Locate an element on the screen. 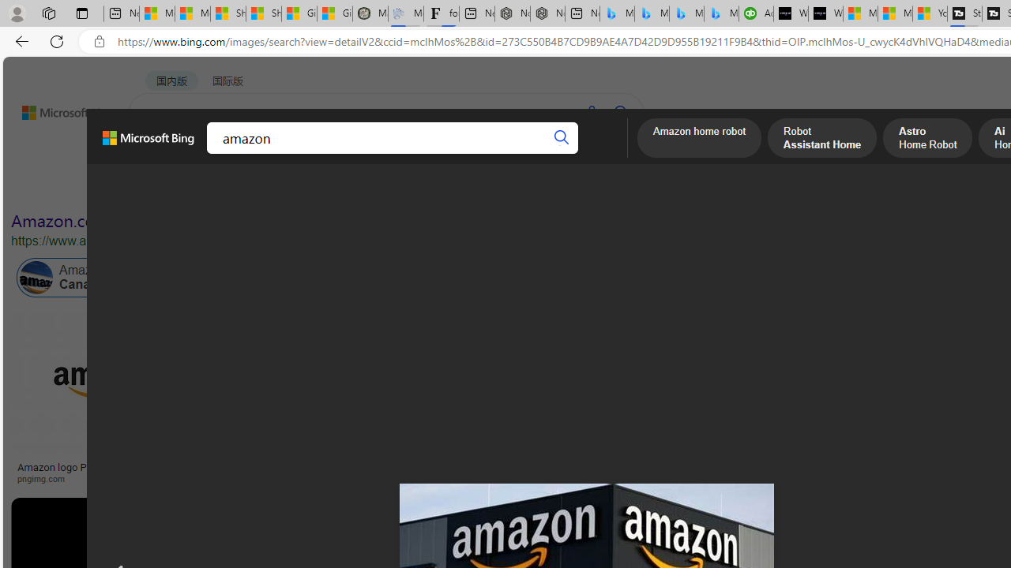  'Search using voice' is located at coordinates (590, 111).